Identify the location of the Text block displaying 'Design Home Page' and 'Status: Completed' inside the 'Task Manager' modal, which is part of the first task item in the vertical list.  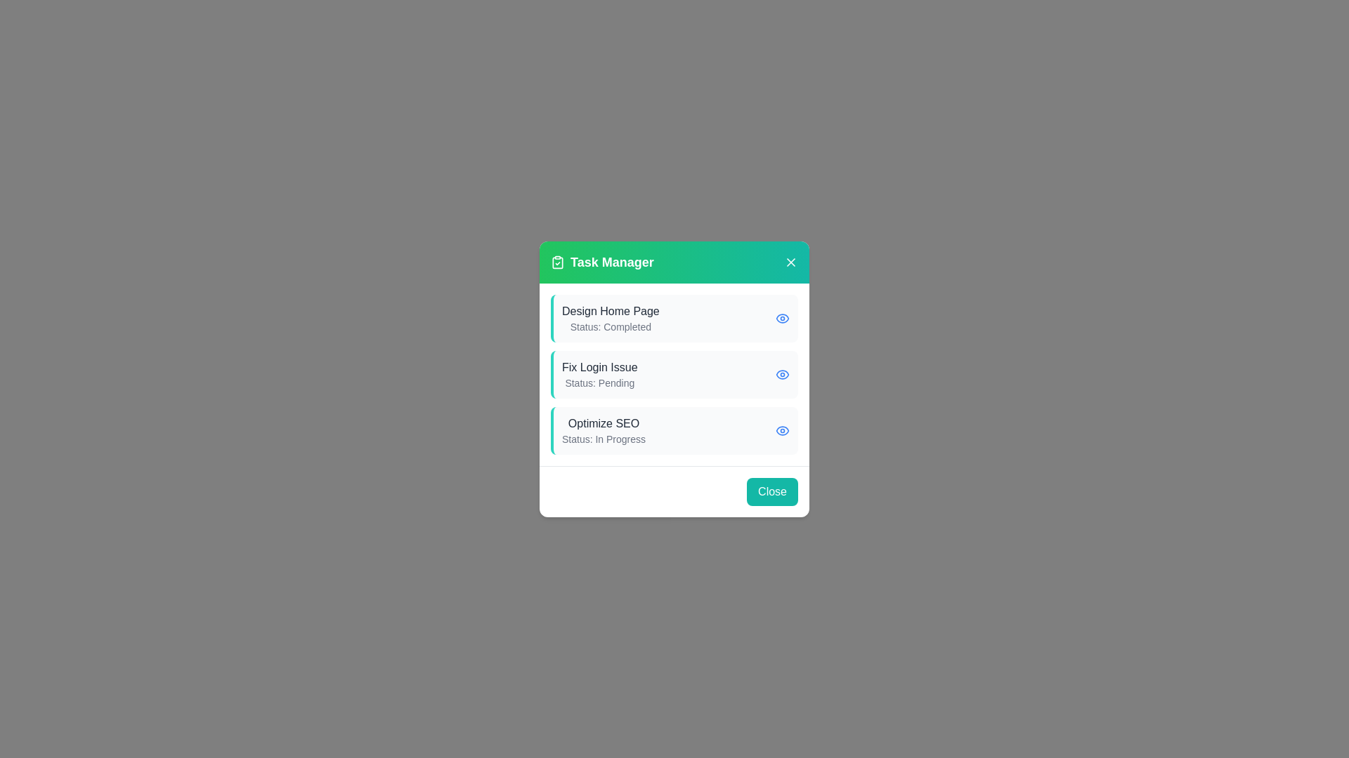
(611, 318).